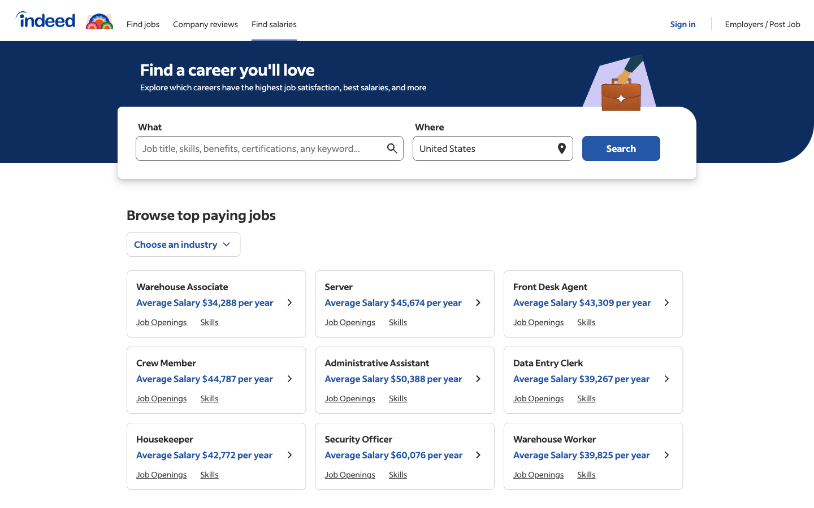  I want to click on Investigate the skills needed for the job of "Administrative Assistant, so click(586, 474).